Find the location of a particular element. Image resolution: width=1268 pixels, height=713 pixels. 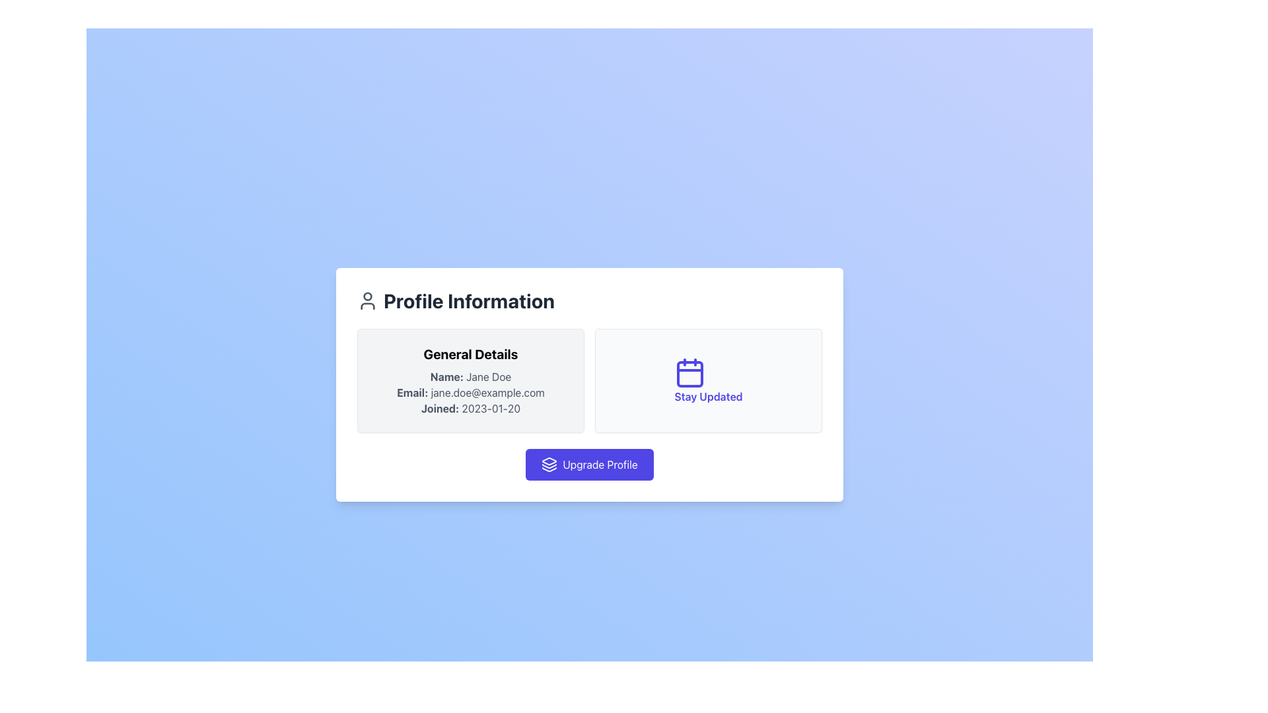

the circular graphical element that is part of the user profile avatar, located near the top-left corner of the interface, above the 'Profile Information' header is located at coordinates (367, 295).